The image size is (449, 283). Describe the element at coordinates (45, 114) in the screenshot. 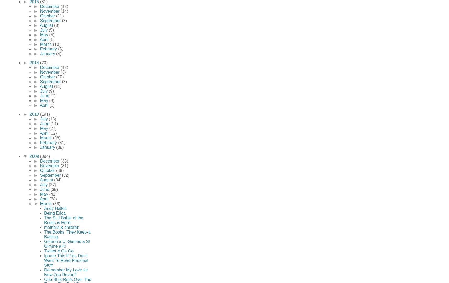

I see `'(191)'` at that location.